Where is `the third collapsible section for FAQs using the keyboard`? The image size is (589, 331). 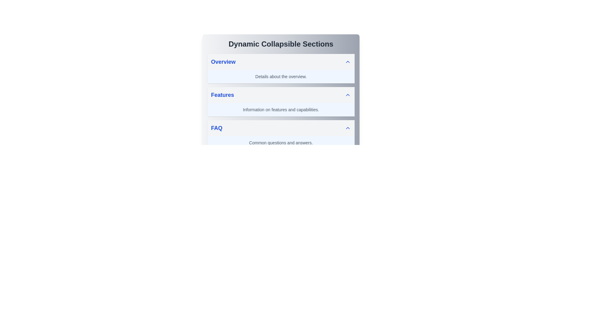
the third collapsible section for FAQs using the keyboard is located at coordinates (281, 134).